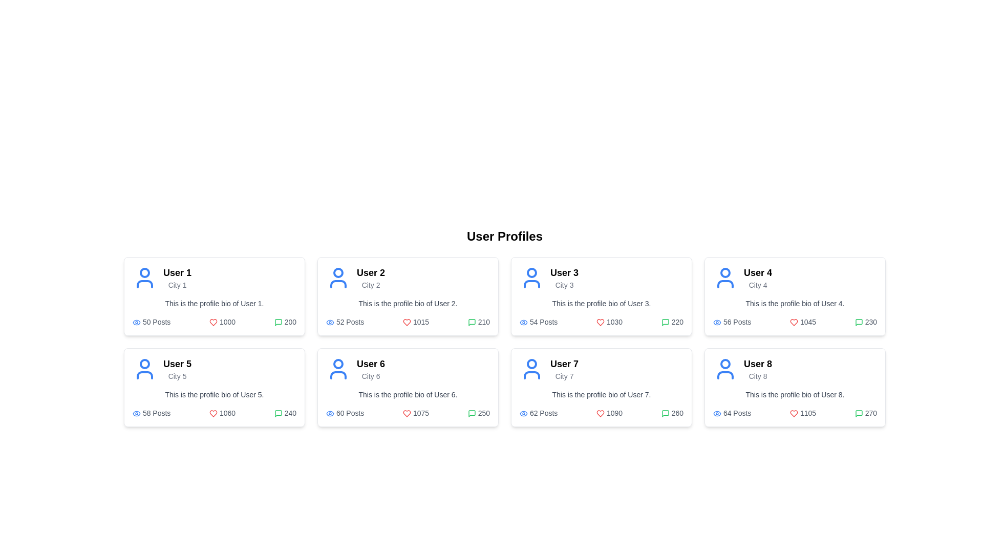 The height and width of the screenshot is (553, 983). I want to click on the text label displaying 'User 6', which is styled as a prominent heading in bold and large font, located in the sixth card of a grid of user profiles, positioned in the lower row, second column from the left, so click(370, 363).